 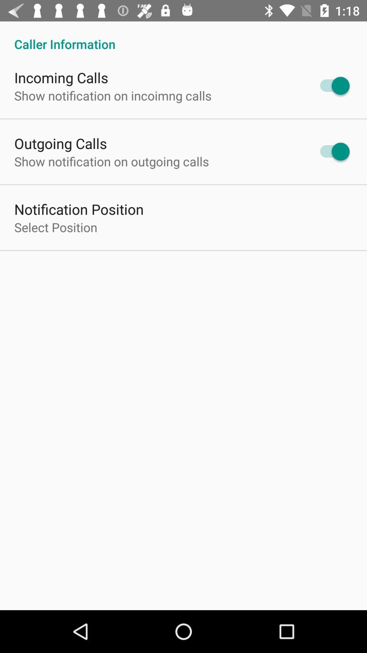 What do you see at coordinates (78, 208) in the screenshot?
I see `the notification position icon` at bounding box center [78, 208].